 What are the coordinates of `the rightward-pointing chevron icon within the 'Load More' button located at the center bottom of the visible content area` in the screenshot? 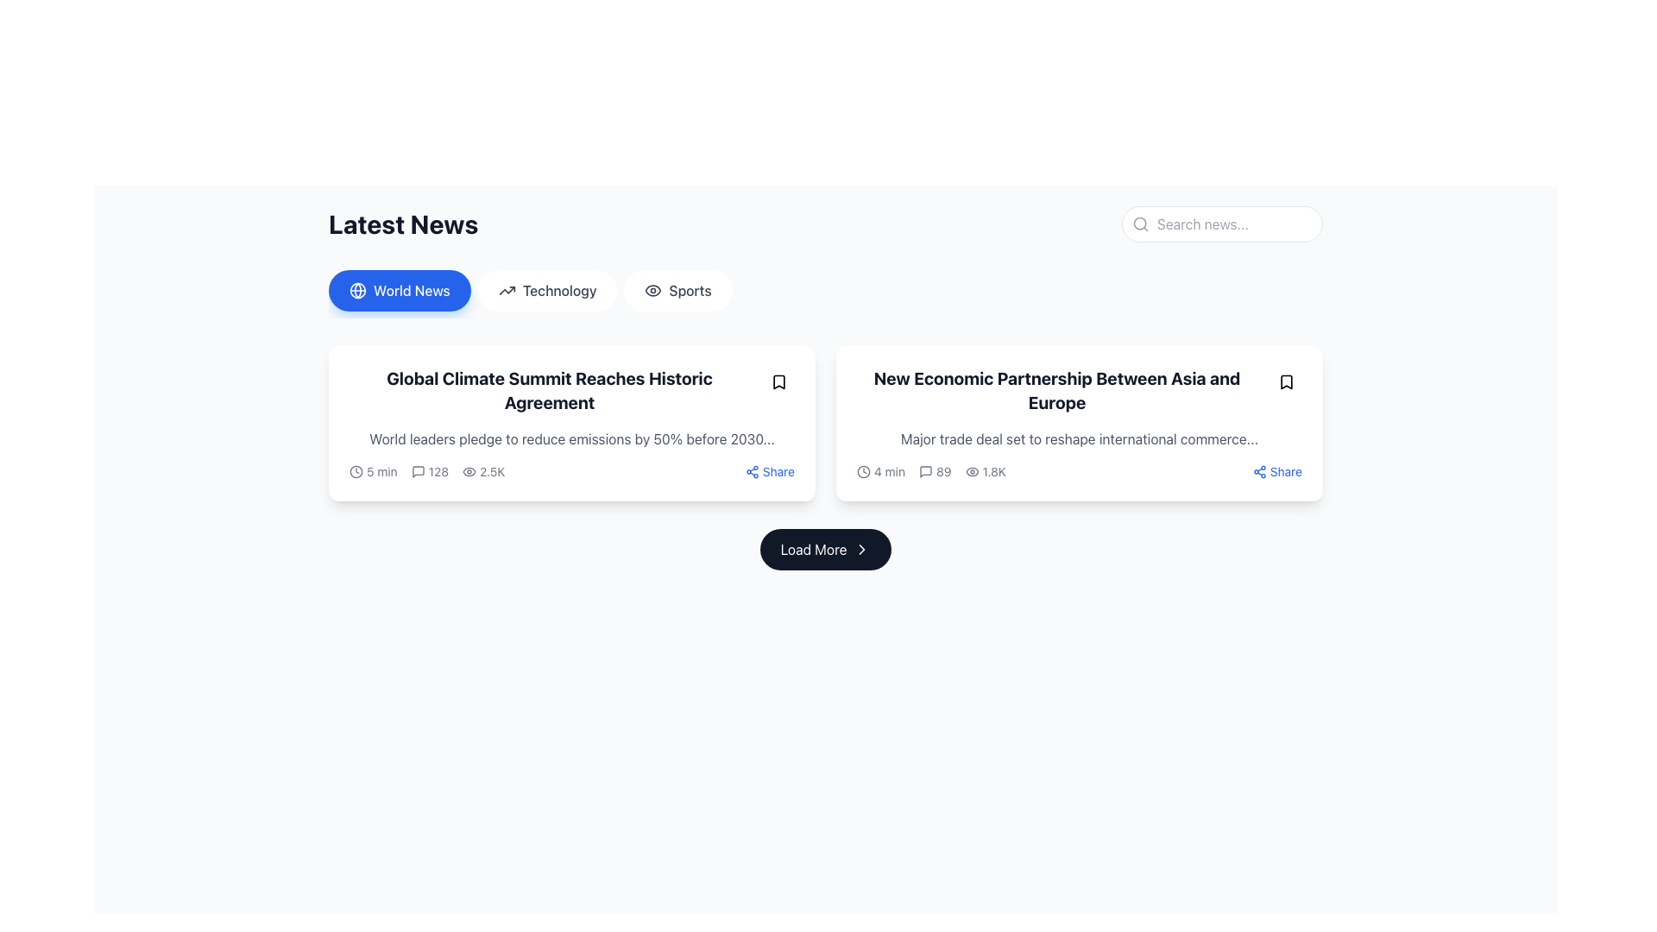 It's located at (862, 549).